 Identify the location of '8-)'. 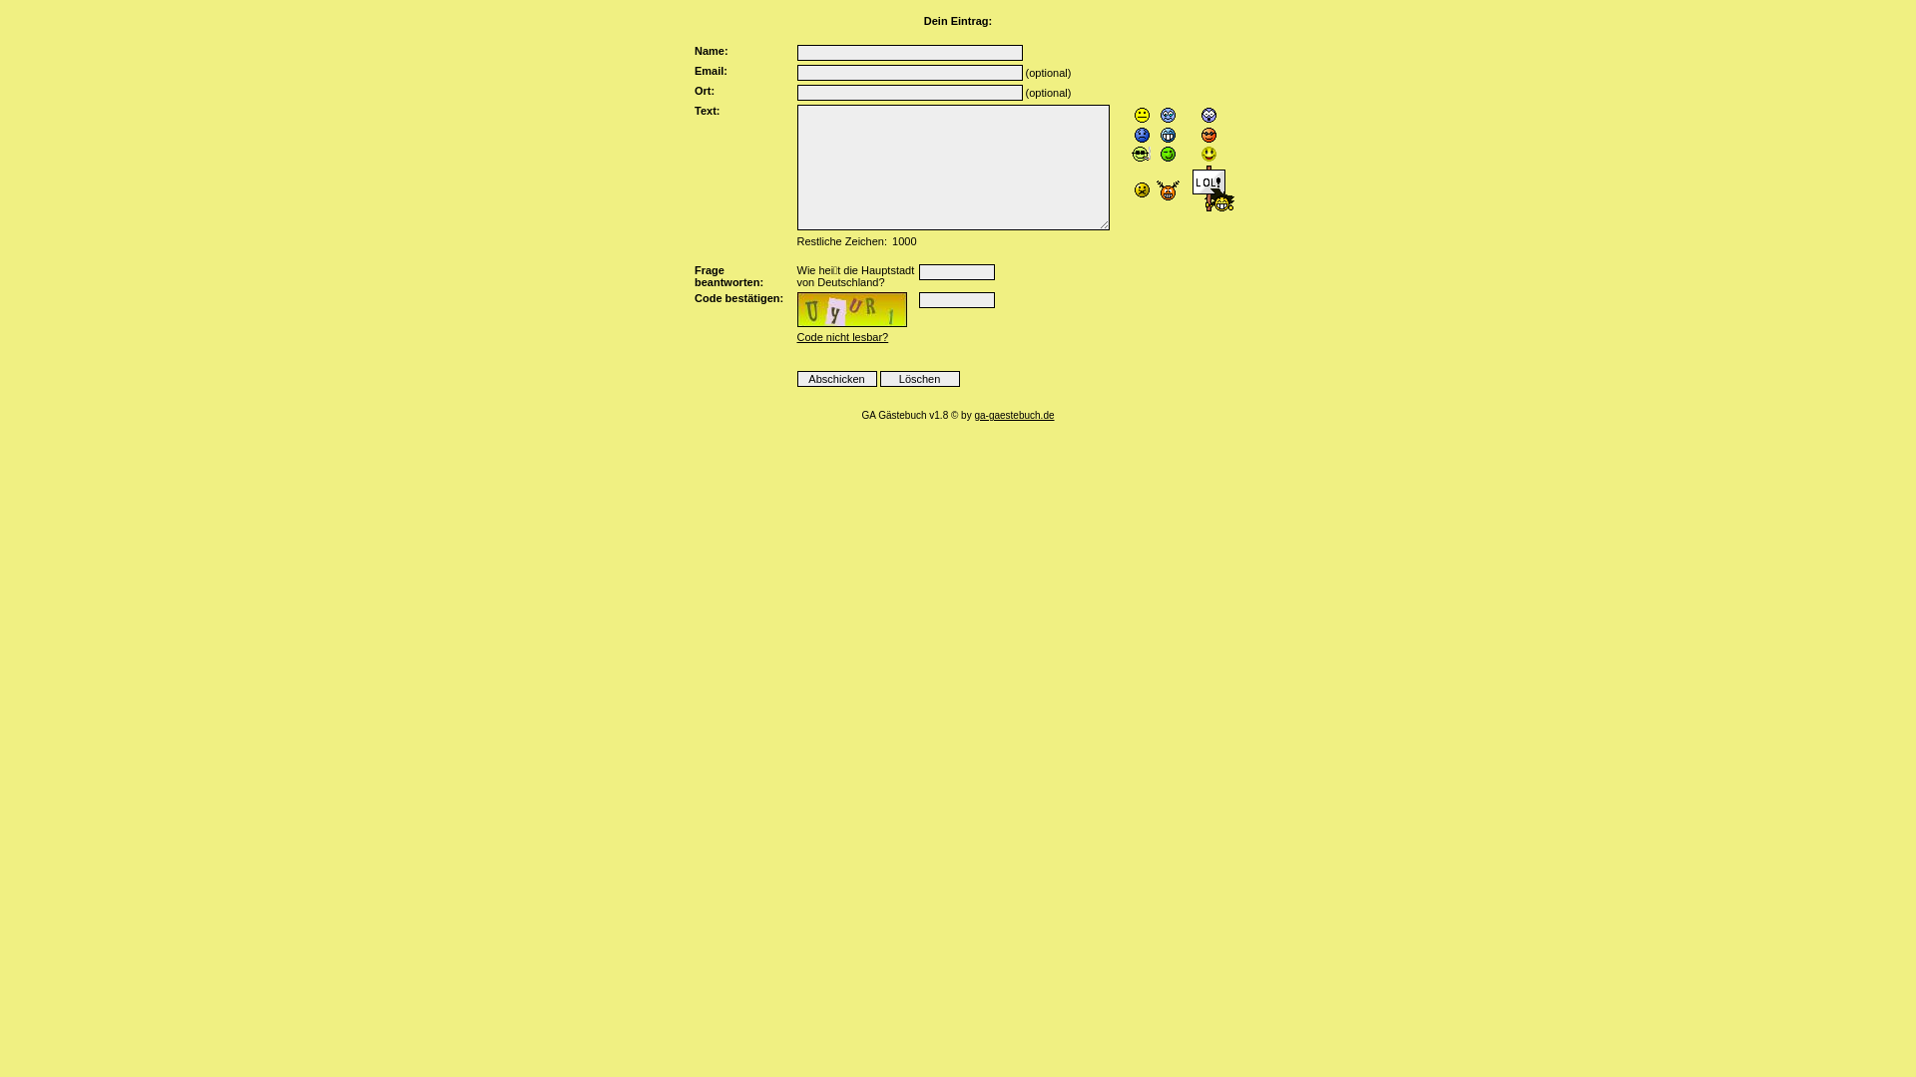
(1207, 135).